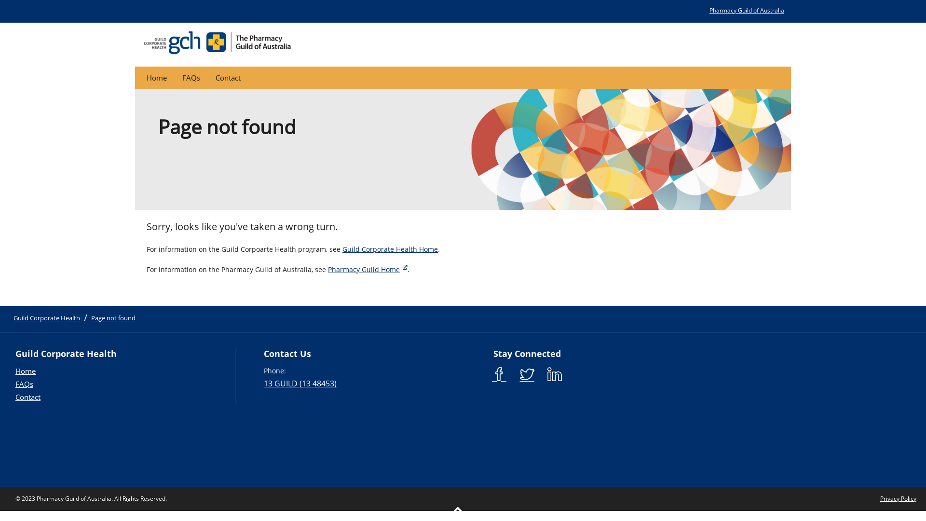 This screenshot has height=521, width=926. Describe the element at coordinates (157, 77) in the screenshot. I see `'Home'` at that location.